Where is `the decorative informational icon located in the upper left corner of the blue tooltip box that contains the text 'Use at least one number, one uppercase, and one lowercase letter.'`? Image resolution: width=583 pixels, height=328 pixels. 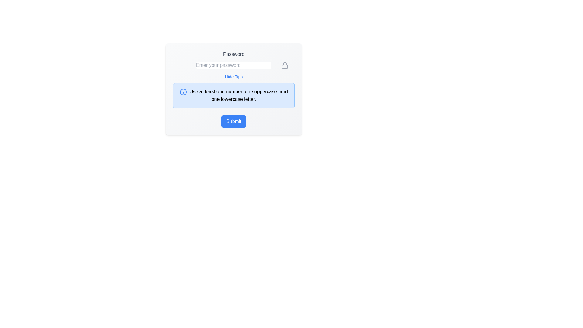 the decorative informational icon located in the upper left corner of the blue tooltip box that contains the text 'Use at least one number, one uppercase, and one lowercase letter.' is located at coordinates (183, 92).